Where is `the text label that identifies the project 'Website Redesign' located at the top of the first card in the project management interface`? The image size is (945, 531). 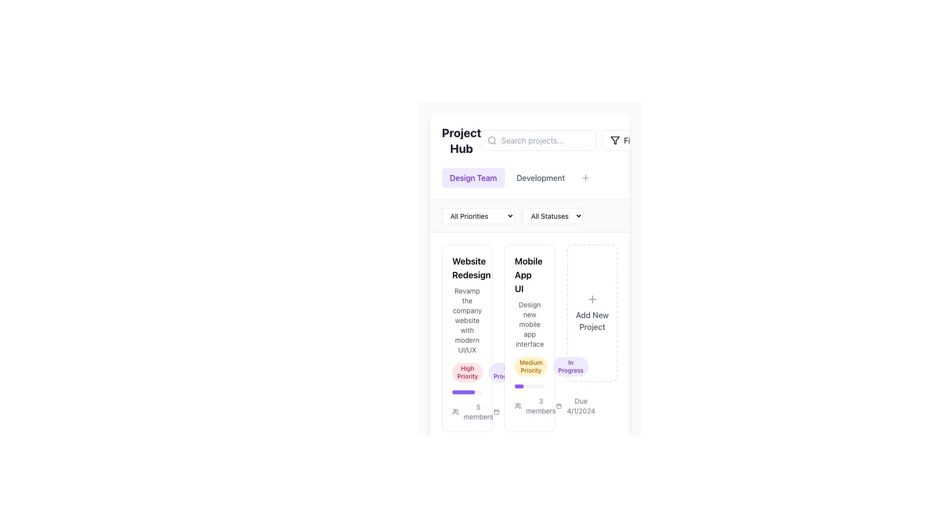 the text label that identifies the project 'Website Redesign' located at the top of the first card in the project management interface is located at coordinates (467, 268).